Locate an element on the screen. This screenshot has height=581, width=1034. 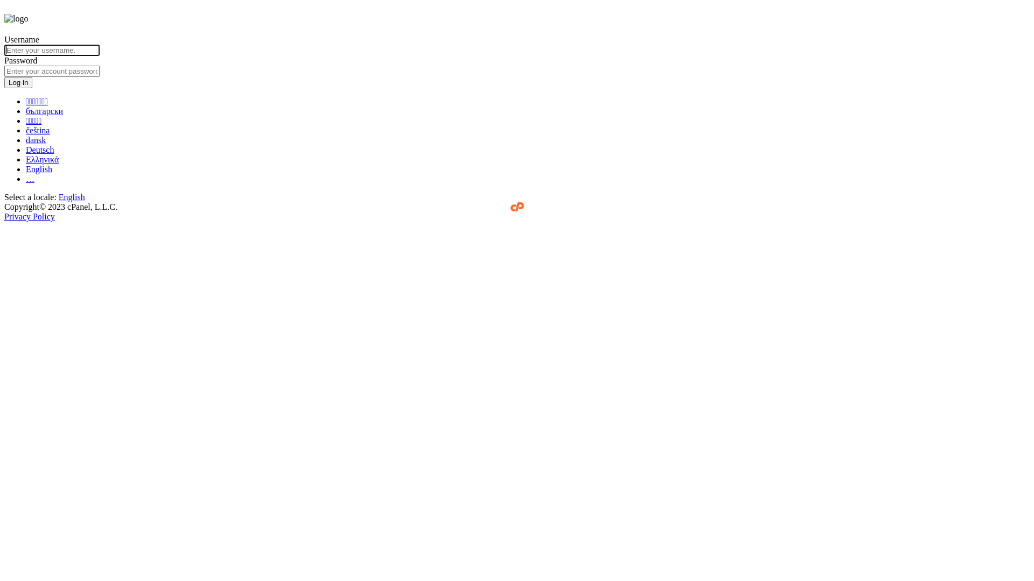
'Deutsch' is located at coordinates (26, 150).